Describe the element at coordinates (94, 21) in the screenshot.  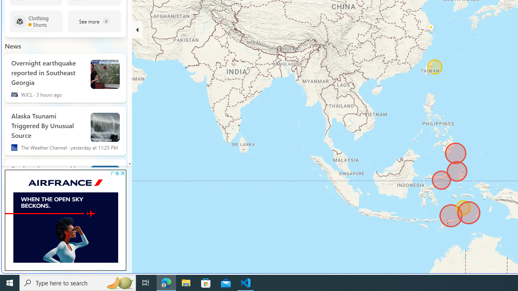
I see `'See more'` at that location.